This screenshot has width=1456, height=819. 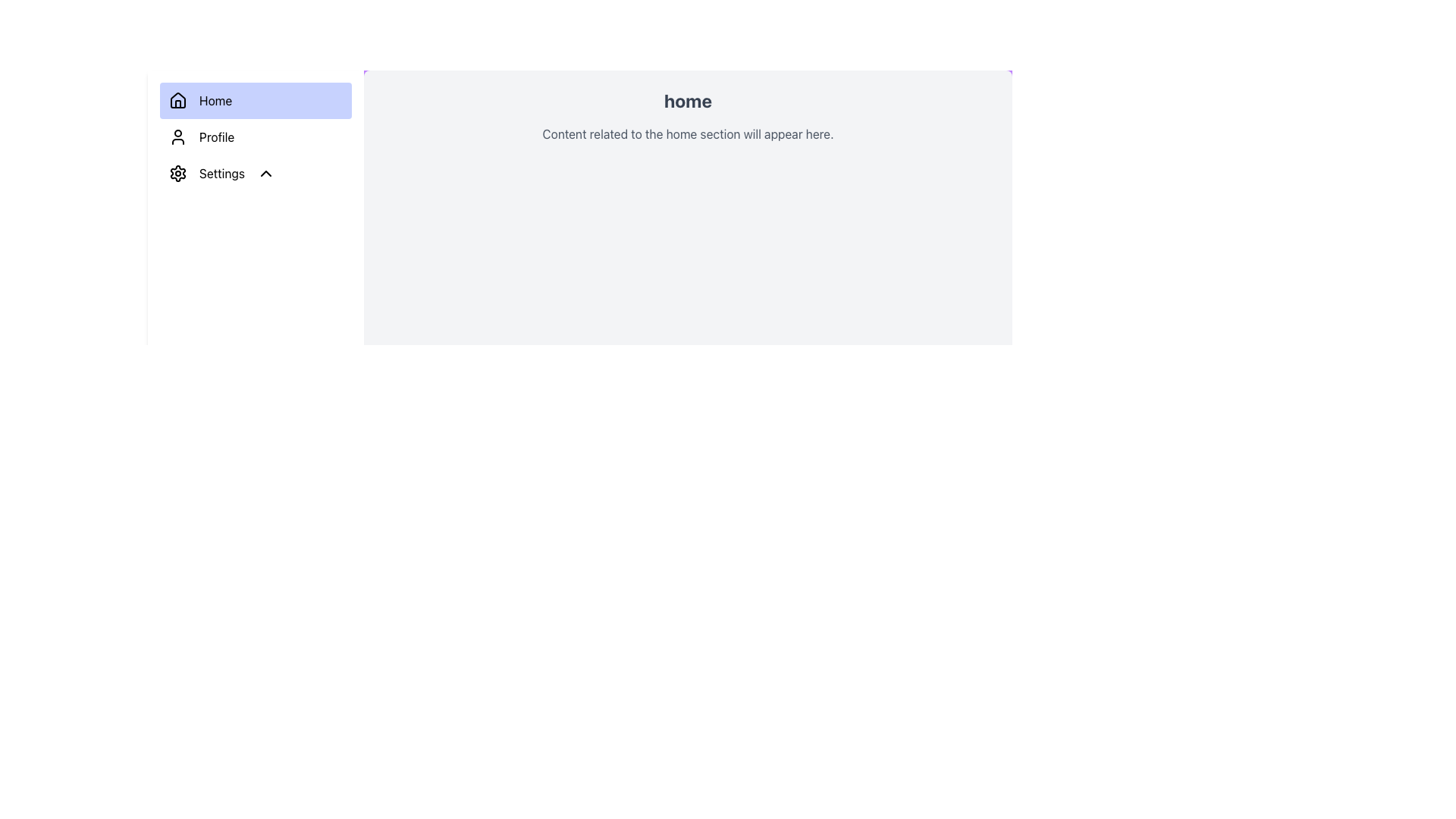 What do you see at coordinates (178, 172) in the screenshot?
I see `the settings icon located in the vertical menu, positioned above the 'Profile' entry` at bounding box center [178, 172].